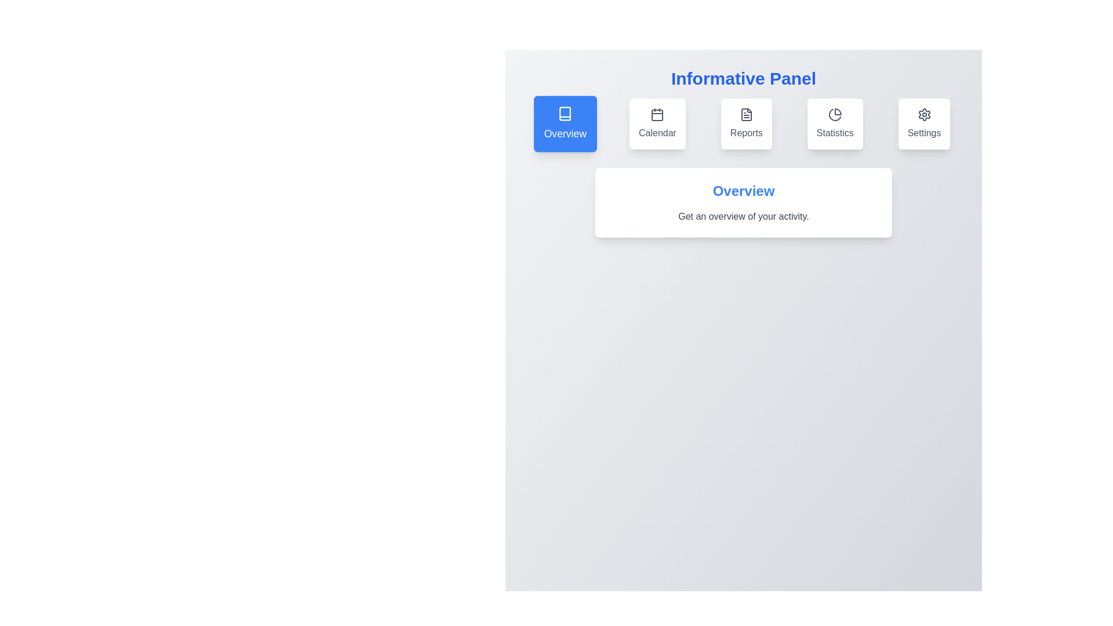  Describe the element at coordinates (565, 114) in the screenshot. I see `the 'Overview' icon located in the top-left region of the interface, which is part of a blue button and the first item in a horizontally arranged menu` at that location.